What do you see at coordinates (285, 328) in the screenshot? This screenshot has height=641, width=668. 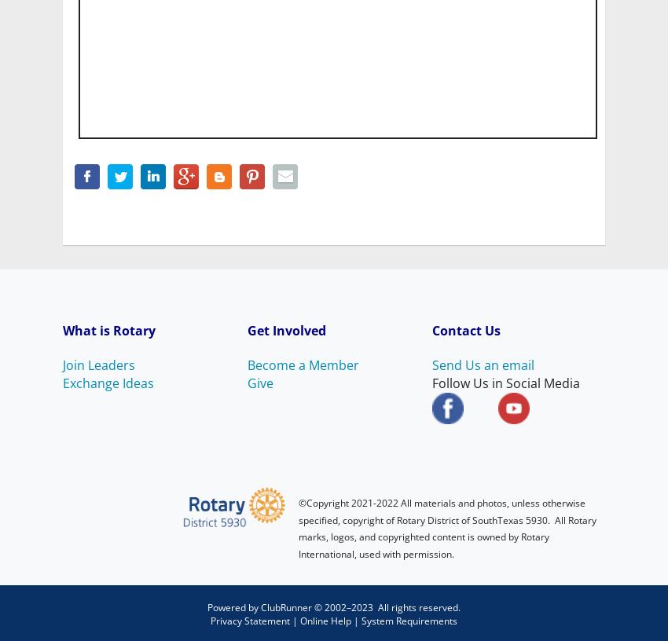 I see `'Get Involved'` at bounding box center [285, 328].